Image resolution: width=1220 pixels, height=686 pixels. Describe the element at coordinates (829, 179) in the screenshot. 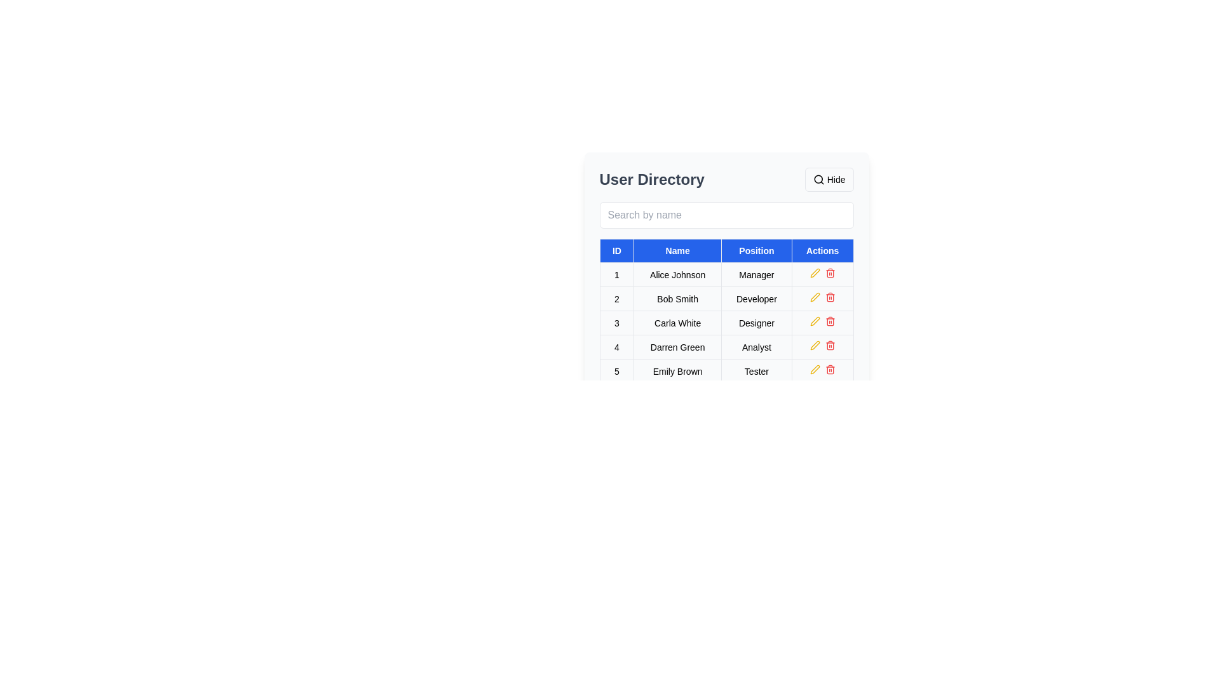

I see `the 'hide' button located at the top-right corner of the user directory UI component, positioned beside the header text 'User Directory' to change its appearance` at that location.